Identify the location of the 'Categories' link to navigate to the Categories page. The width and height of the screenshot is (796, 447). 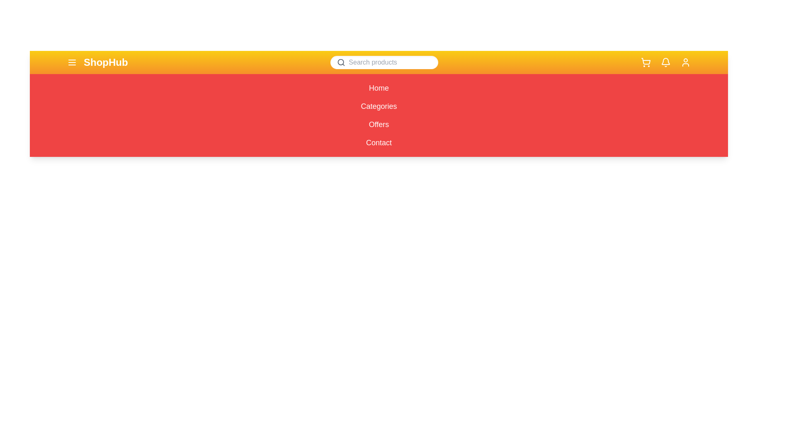
(378, 106).